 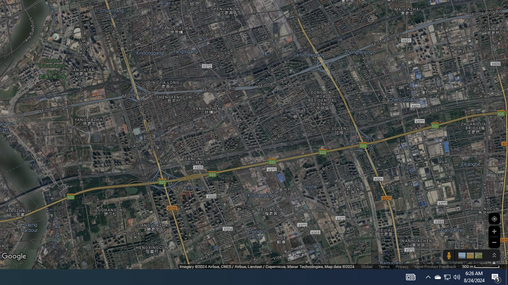 I want to click on 'Send Product Feedback', so click(x=435, y=266).